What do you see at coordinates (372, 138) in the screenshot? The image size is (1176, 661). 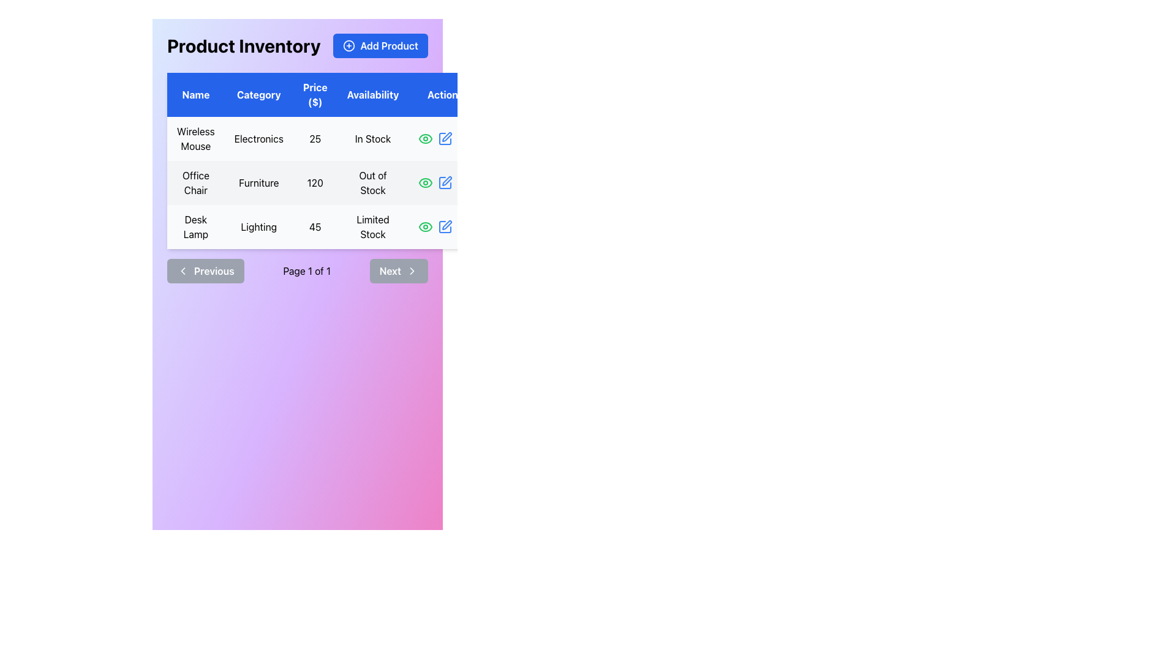 I see `the 'In Stock' text label located in the fourth column of the first row of the table for 'Wireless Mouse', which is part of the 'Availability' section` at bounding box center [372, 138].